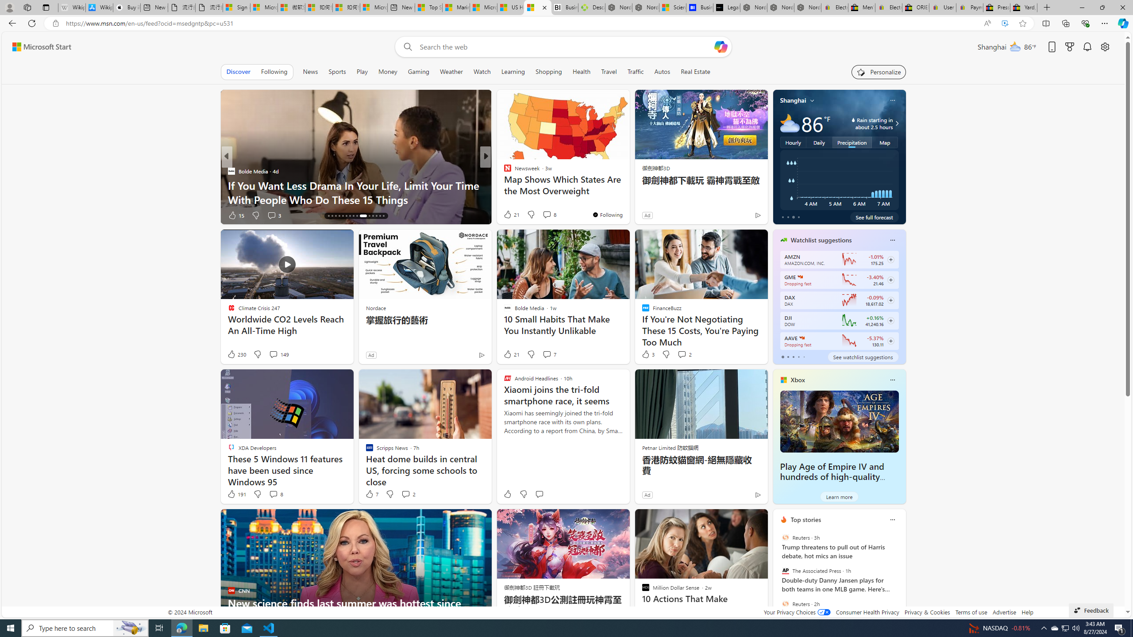 This screenshot has width=1133, height=637. I want to click on 'View comments 265 Comment', so click(552, 215).